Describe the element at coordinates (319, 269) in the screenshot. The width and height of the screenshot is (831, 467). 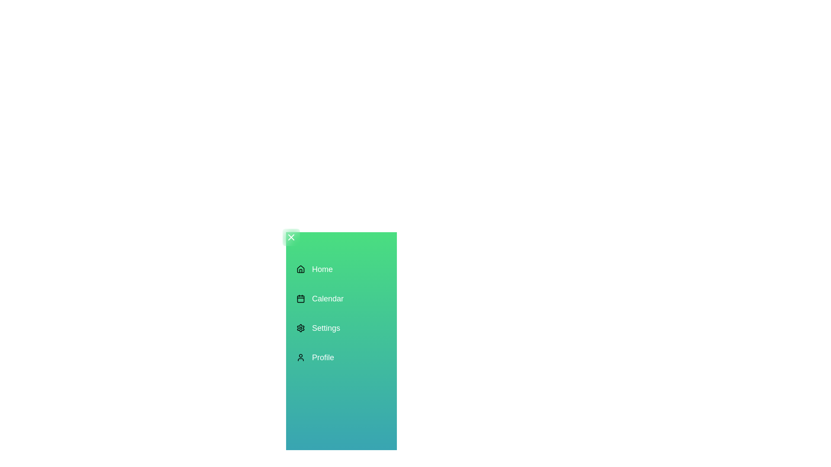
I see `the 'Home' button located at the top of the vertical sidebar menu on the left side of the green gradient background` at that location.